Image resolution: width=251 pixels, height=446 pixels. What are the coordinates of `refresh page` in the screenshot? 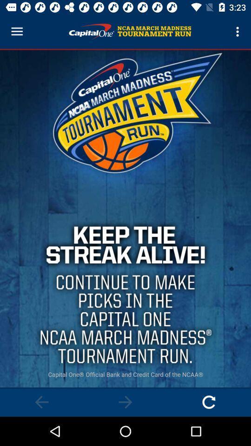 It's located at (209, 401).